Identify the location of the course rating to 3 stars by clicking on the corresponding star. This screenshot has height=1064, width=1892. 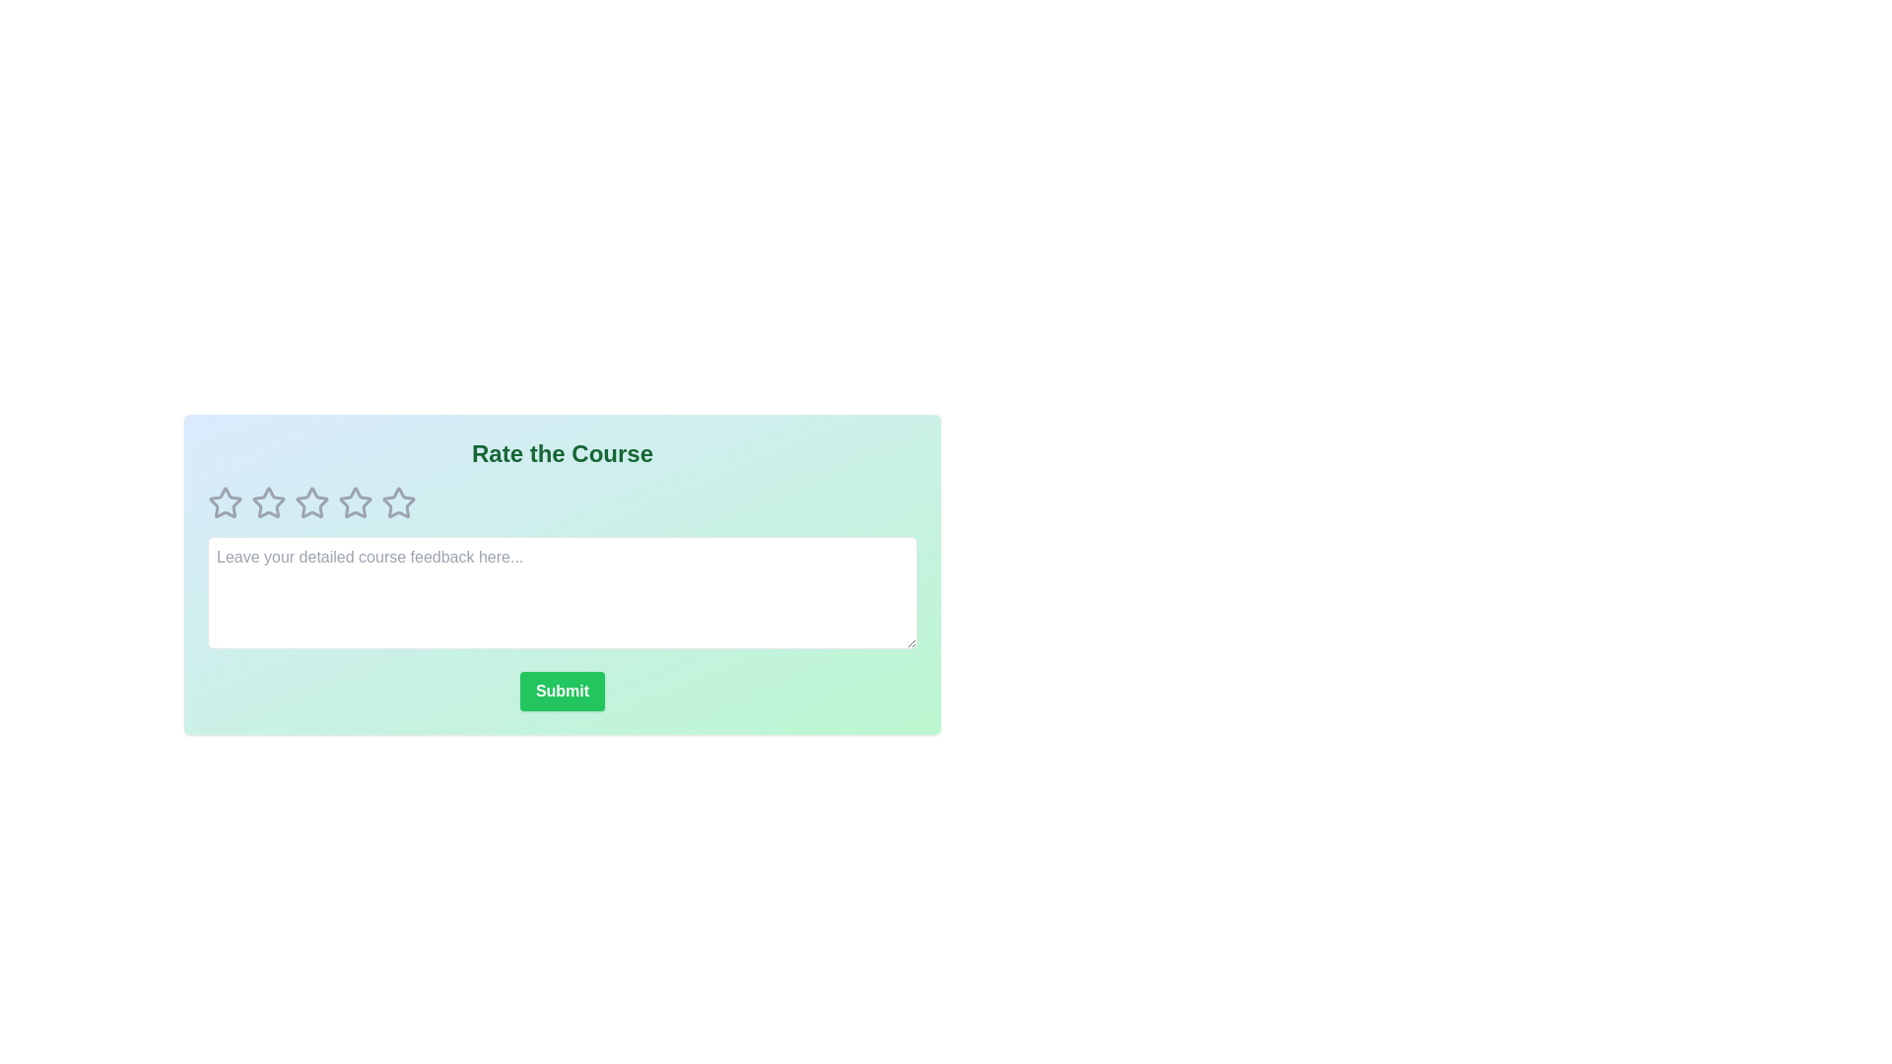
(310, 501).